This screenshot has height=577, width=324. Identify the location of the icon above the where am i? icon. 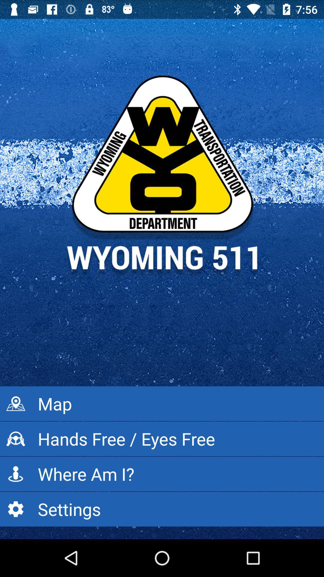
(162, 439).